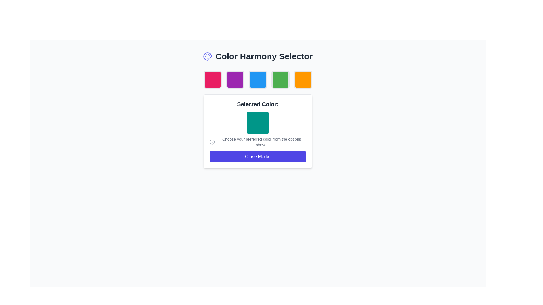  I want to click on one of the color buttons in the Color Harmony Selector grid layout, located near the top-center of the modal window, so click(257, 79).